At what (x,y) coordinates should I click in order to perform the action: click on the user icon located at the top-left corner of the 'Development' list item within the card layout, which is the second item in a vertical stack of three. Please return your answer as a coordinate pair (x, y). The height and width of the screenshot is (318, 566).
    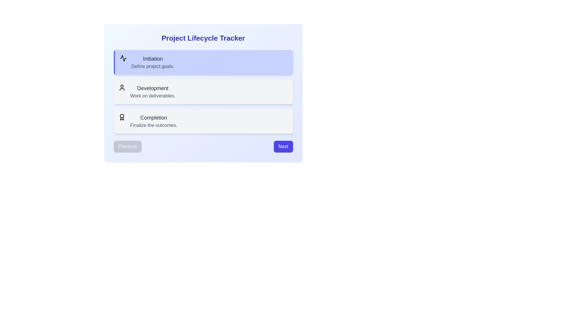
    Looking at the image, I should click on (121, 87).